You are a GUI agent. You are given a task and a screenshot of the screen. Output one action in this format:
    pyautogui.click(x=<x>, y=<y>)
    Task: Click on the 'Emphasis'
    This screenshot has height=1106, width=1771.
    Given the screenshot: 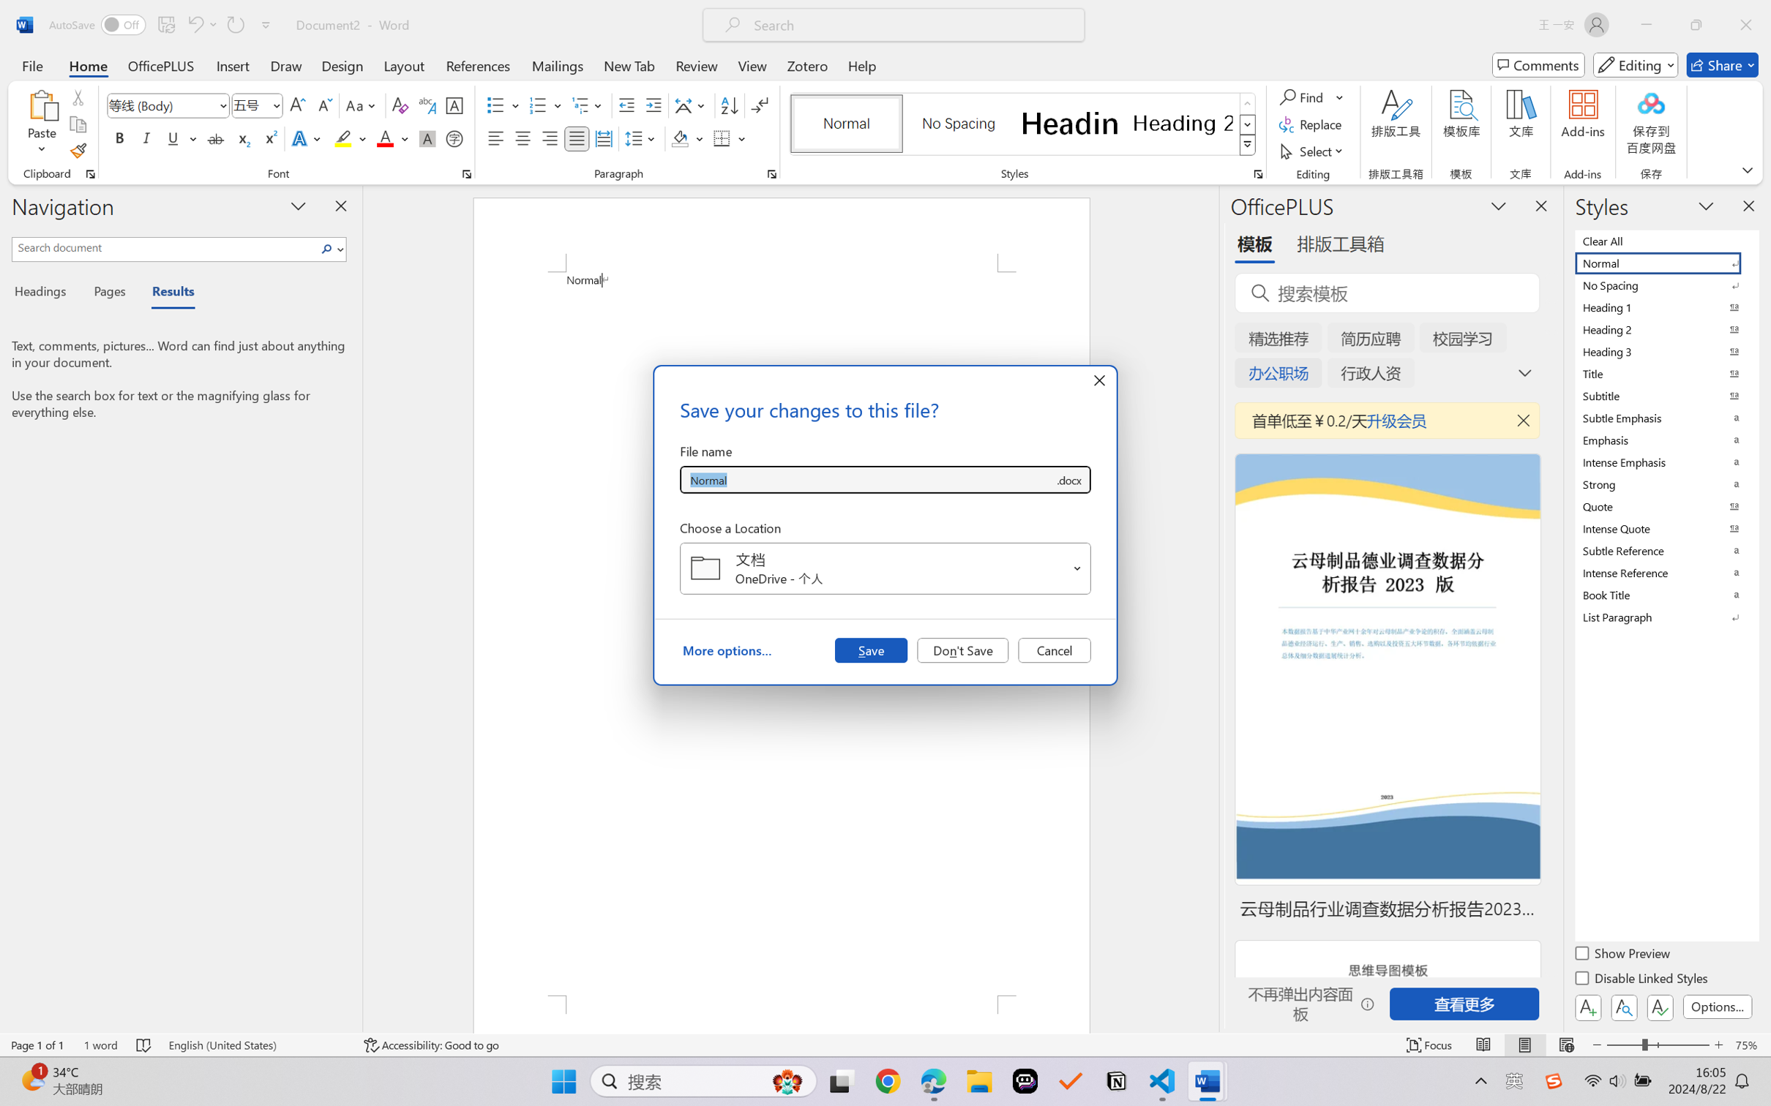 What is the action you would take?
    pyautogui.click(x=1665, y=440)
    